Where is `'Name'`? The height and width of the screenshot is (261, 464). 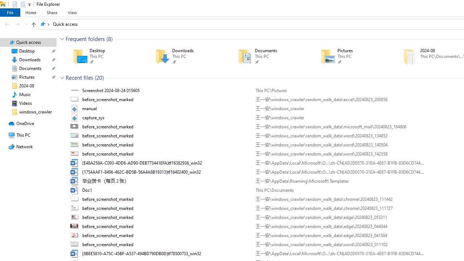 'Name' is located at coordinates (166, 253).